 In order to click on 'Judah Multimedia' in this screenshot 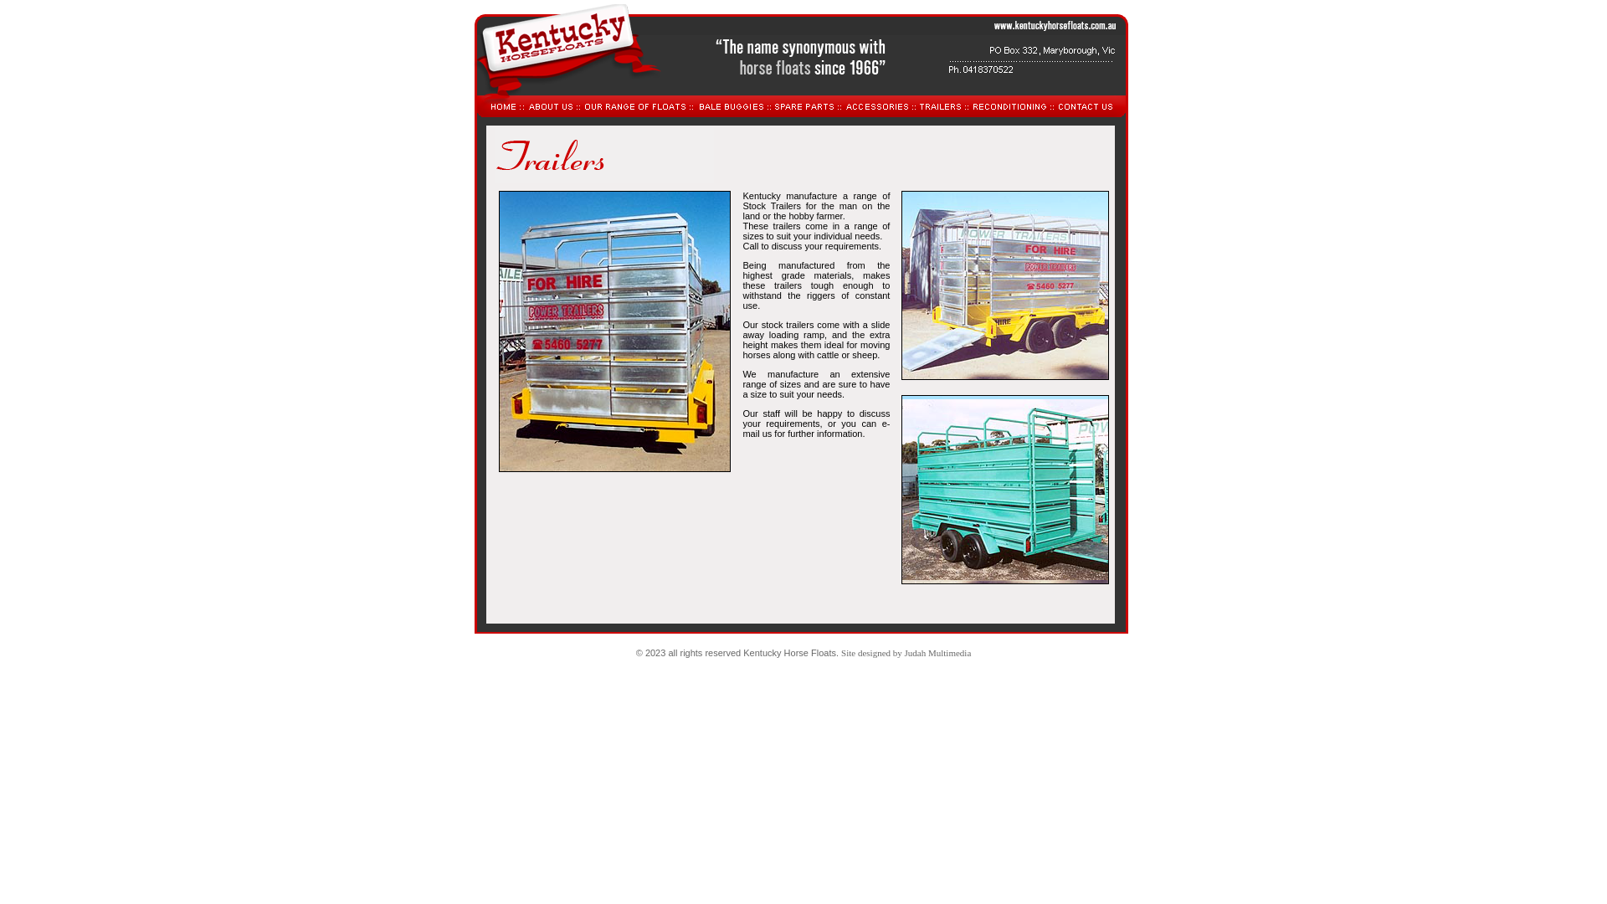, I will do `click(938, 651)`.